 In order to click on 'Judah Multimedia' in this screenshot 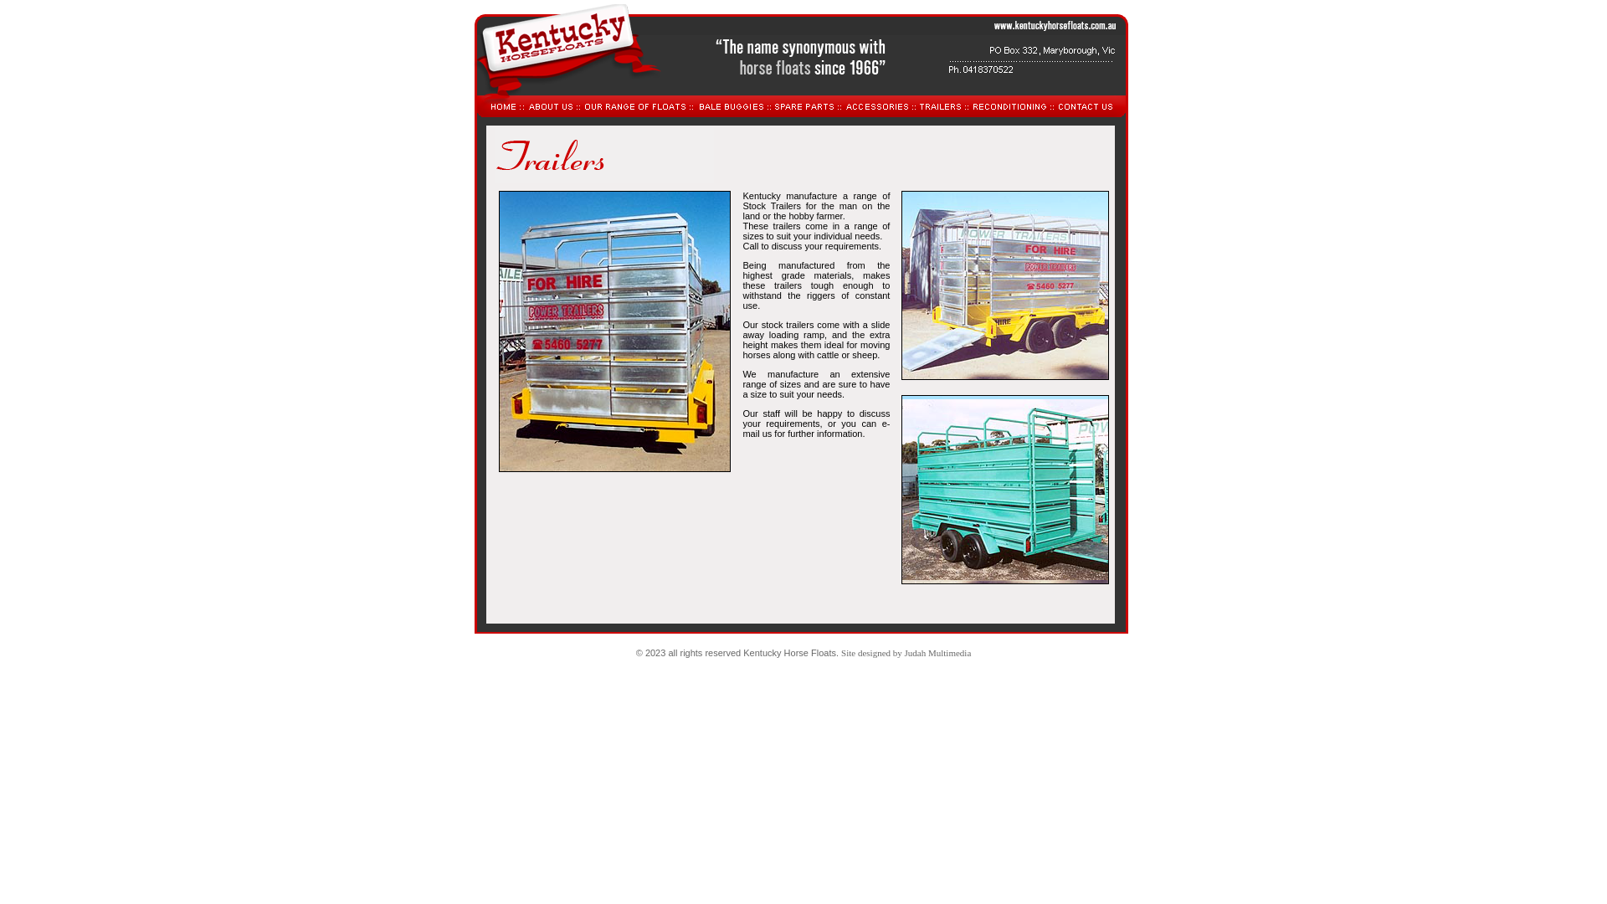, I will do `click(938, 651)`.